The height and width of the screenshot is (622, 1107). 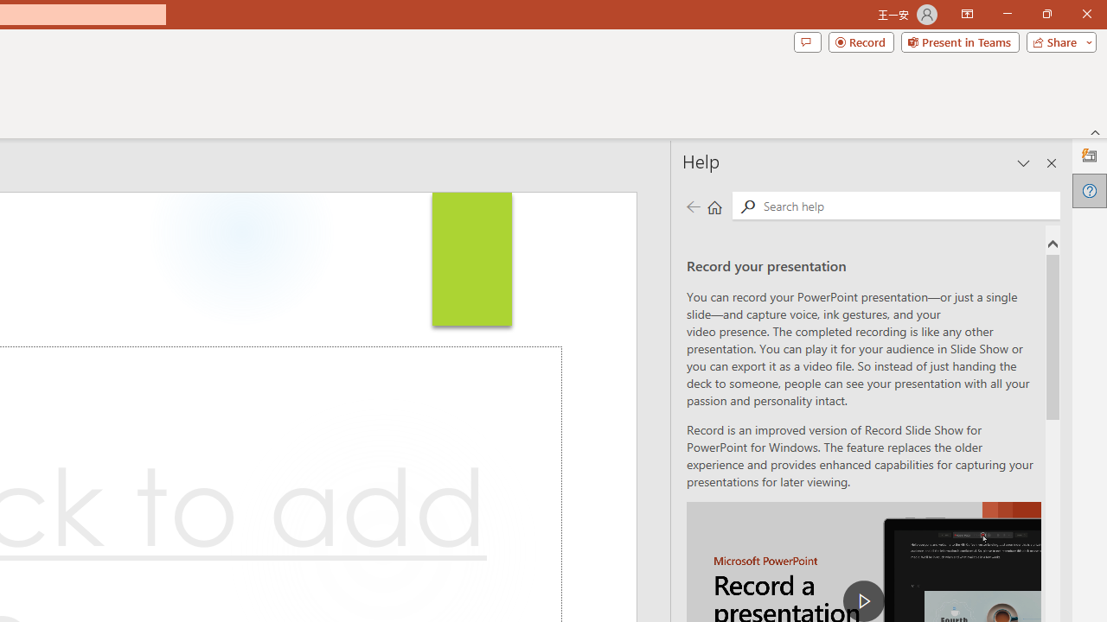 What do you see at coordinates (1046, 14) in the screenshot?
I see `'Restore Down'` at bounding box center [1046, 14].